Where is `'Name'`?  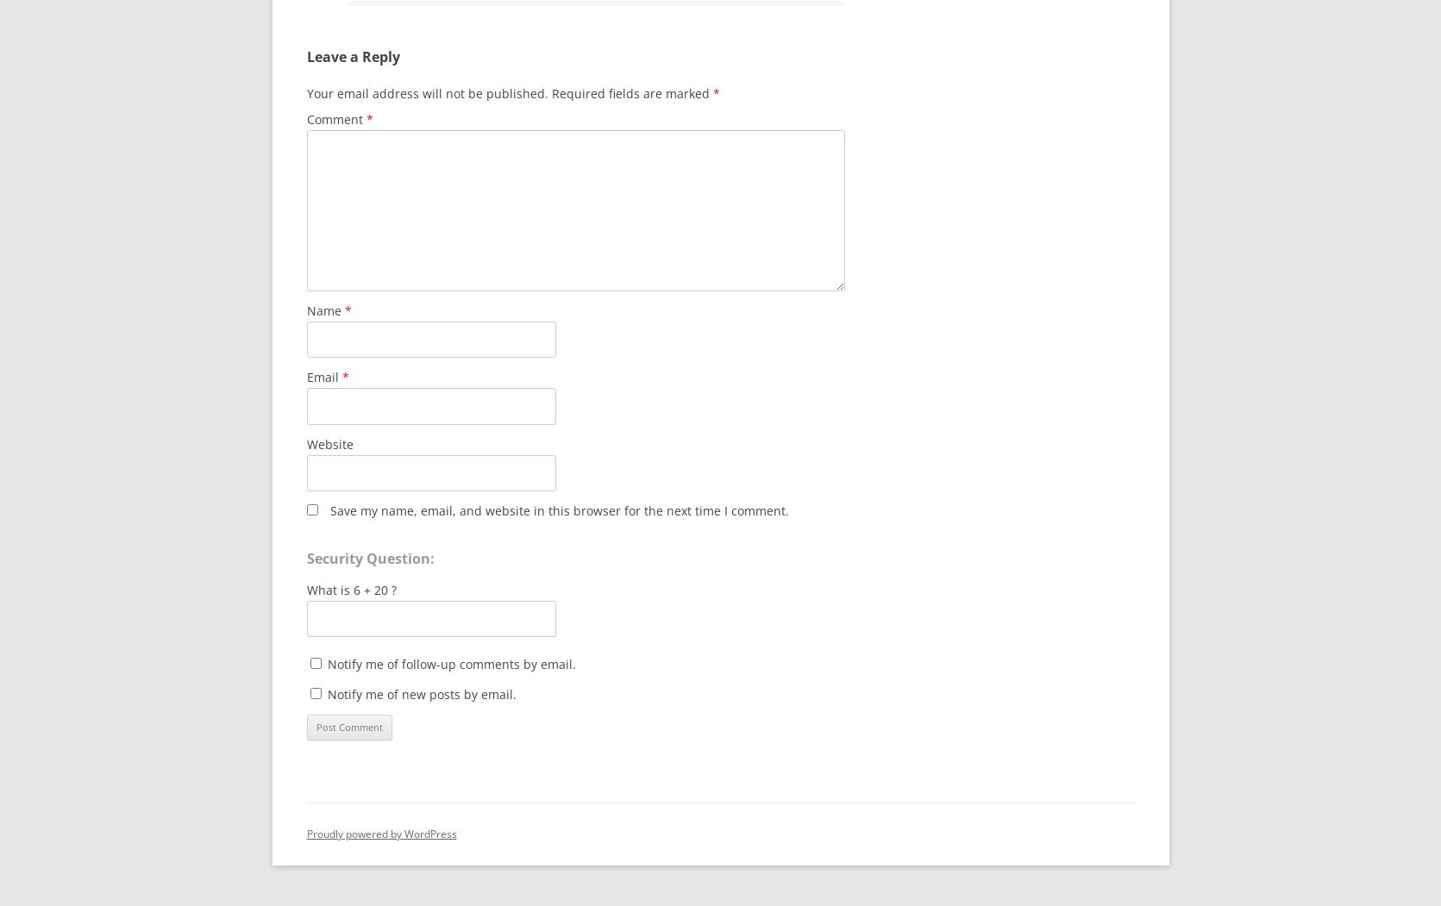
'Name' is located at coordinates (324, 309).